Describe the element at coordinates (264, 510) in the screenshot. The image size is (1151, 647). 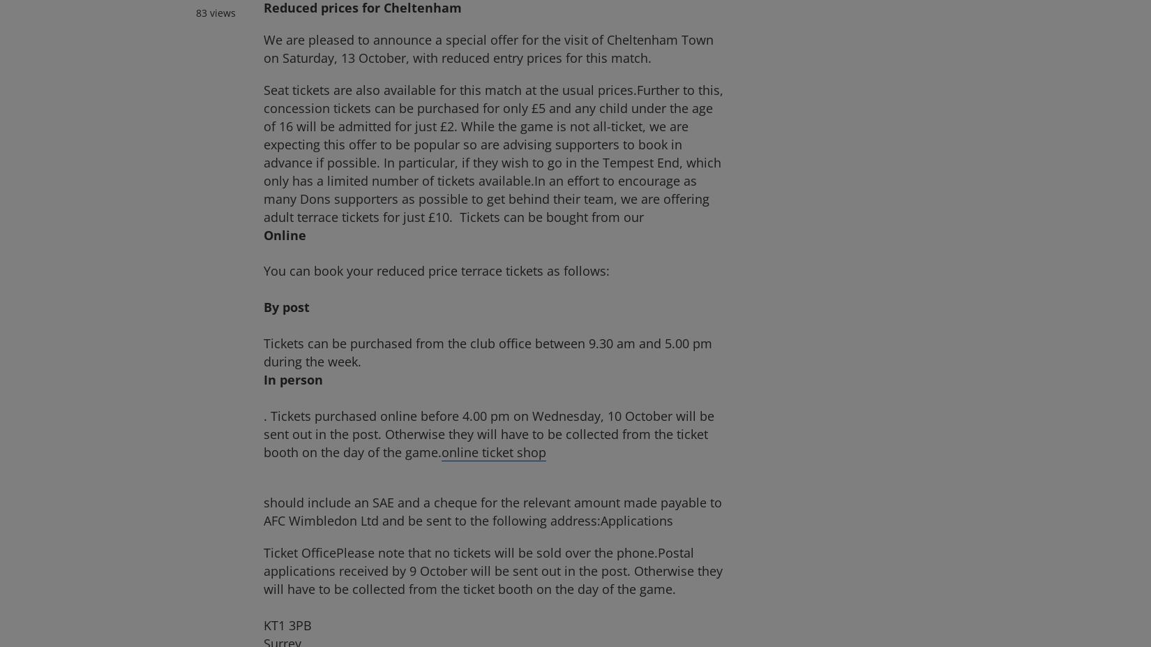
I see `'should include an SAE and a cheque for the relevant amount made payable to AFC Wimbledon Ltd and be sent to the following address:Applications'` at that location.